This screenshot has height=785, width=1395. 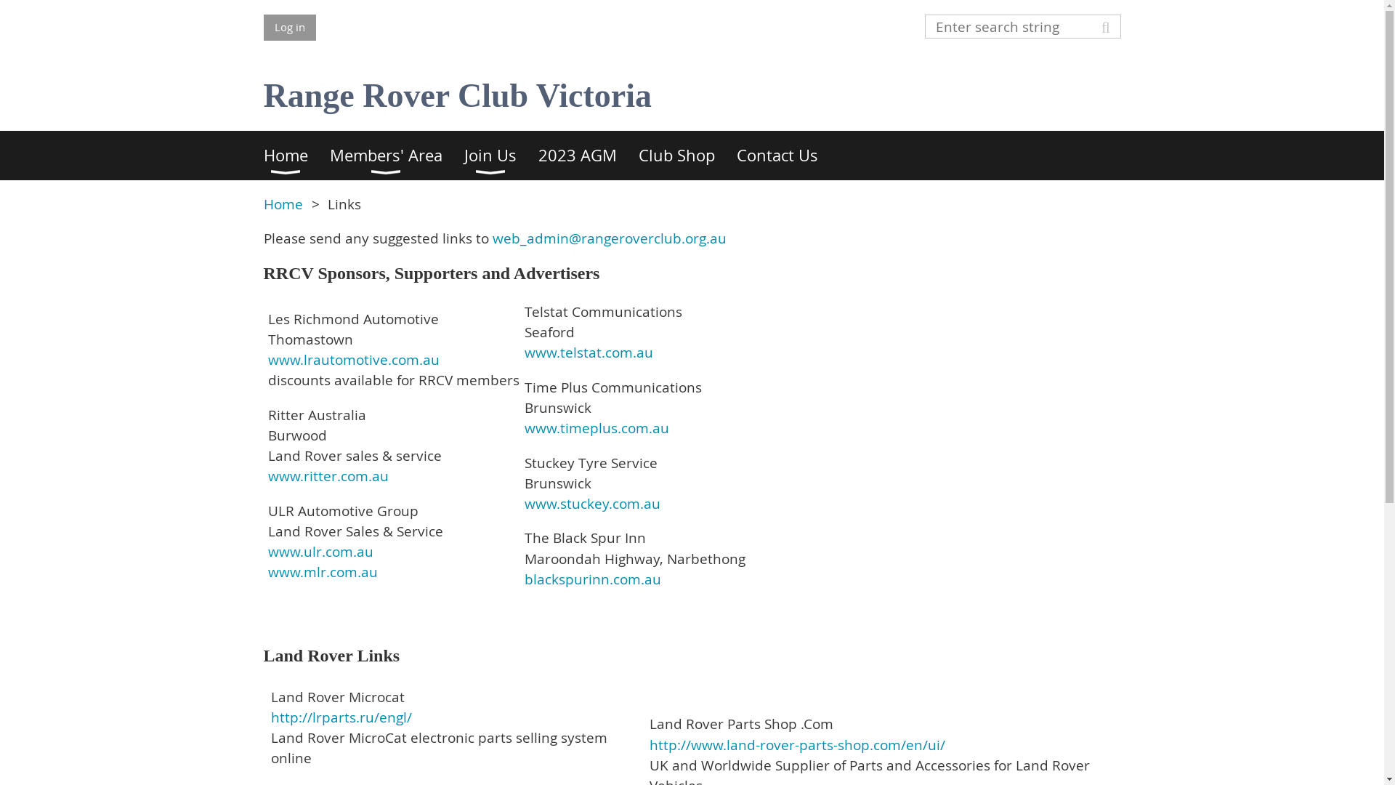 What do you see at coordinates (340, 717) in the screenshot?
I see `'http://lrparts.ru/engl/'` at bounding box center [340, 717].